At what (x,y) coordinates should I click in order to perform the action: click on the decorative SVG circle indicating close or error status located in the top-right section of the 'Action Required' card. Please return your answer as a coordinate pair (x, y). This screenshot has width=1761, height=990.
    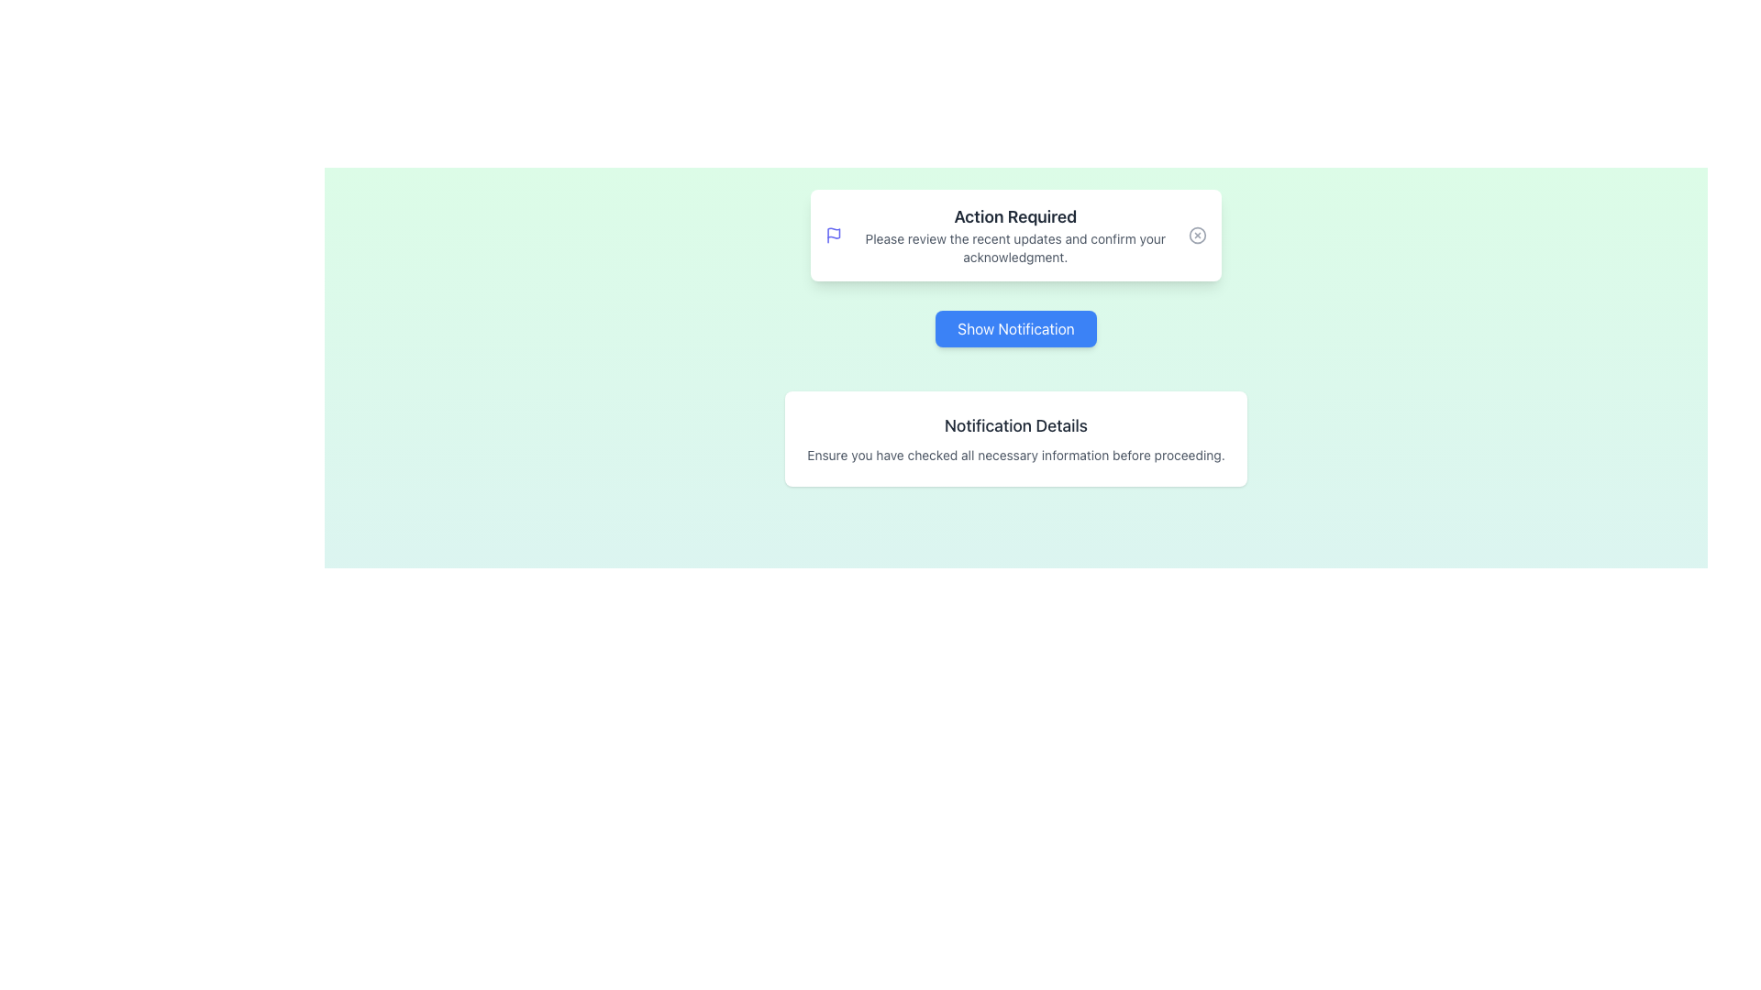
    Looking at the image, I should click on (1197, 235).